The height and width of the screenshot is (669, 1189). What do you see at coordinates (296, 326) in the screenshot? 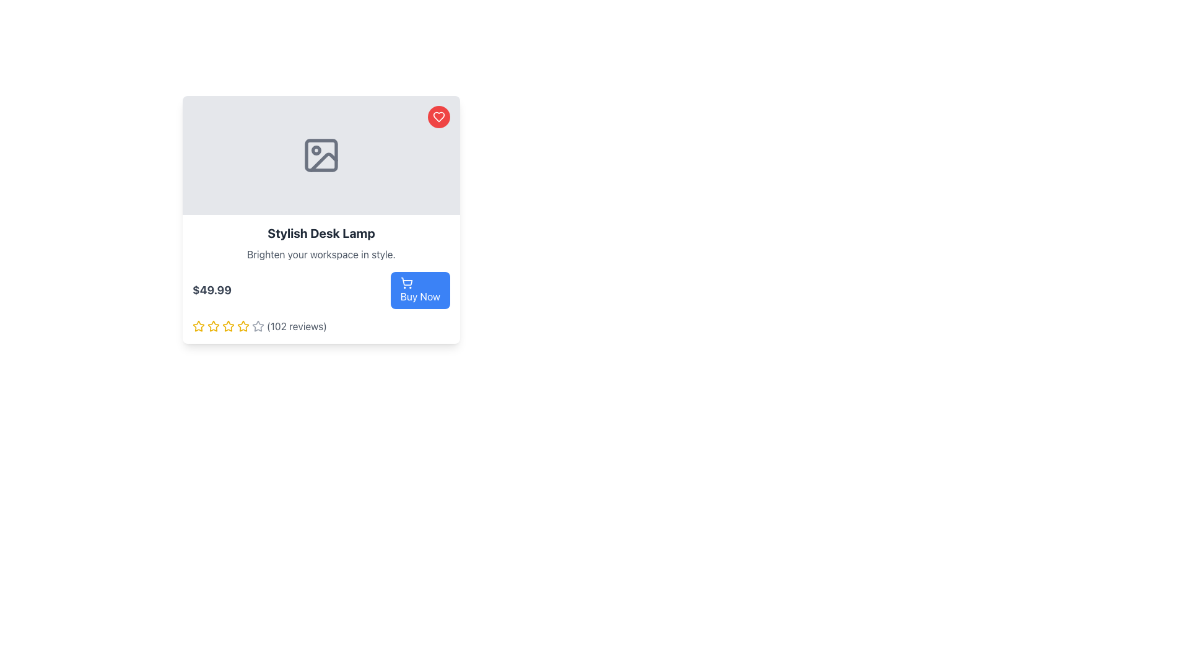
I see `the text label displaying the review count, positioned below the product title and pricing area` at bounding box center [296, 326].